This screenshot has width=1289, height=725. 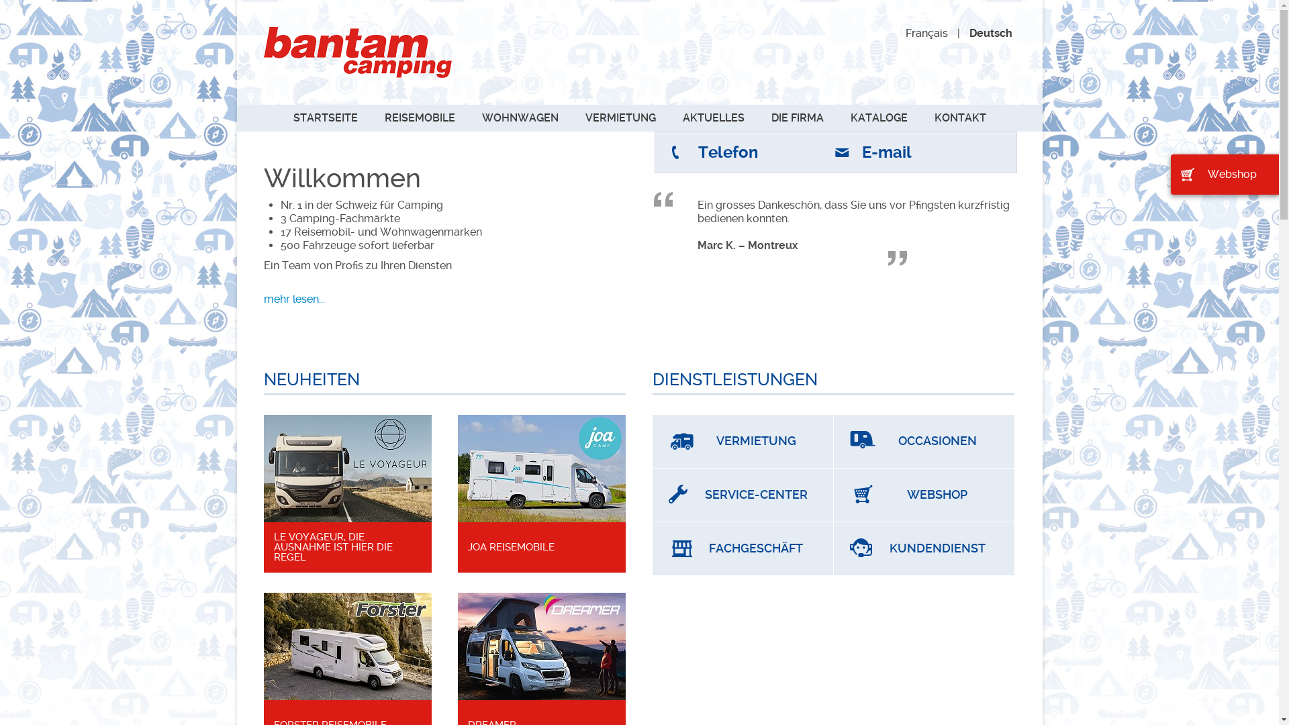 What do you see at coordinates (347, 467) in the screenshot?
I see `'Artikel lesen'` at bounding box center [347, 467].